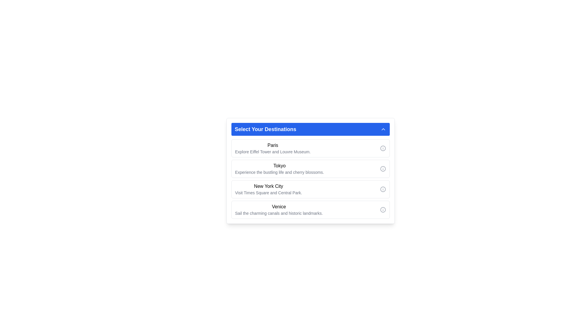  I want to click on the information icon located at the far right side of the 'New York City' item in the destination list, so click(383, 189).